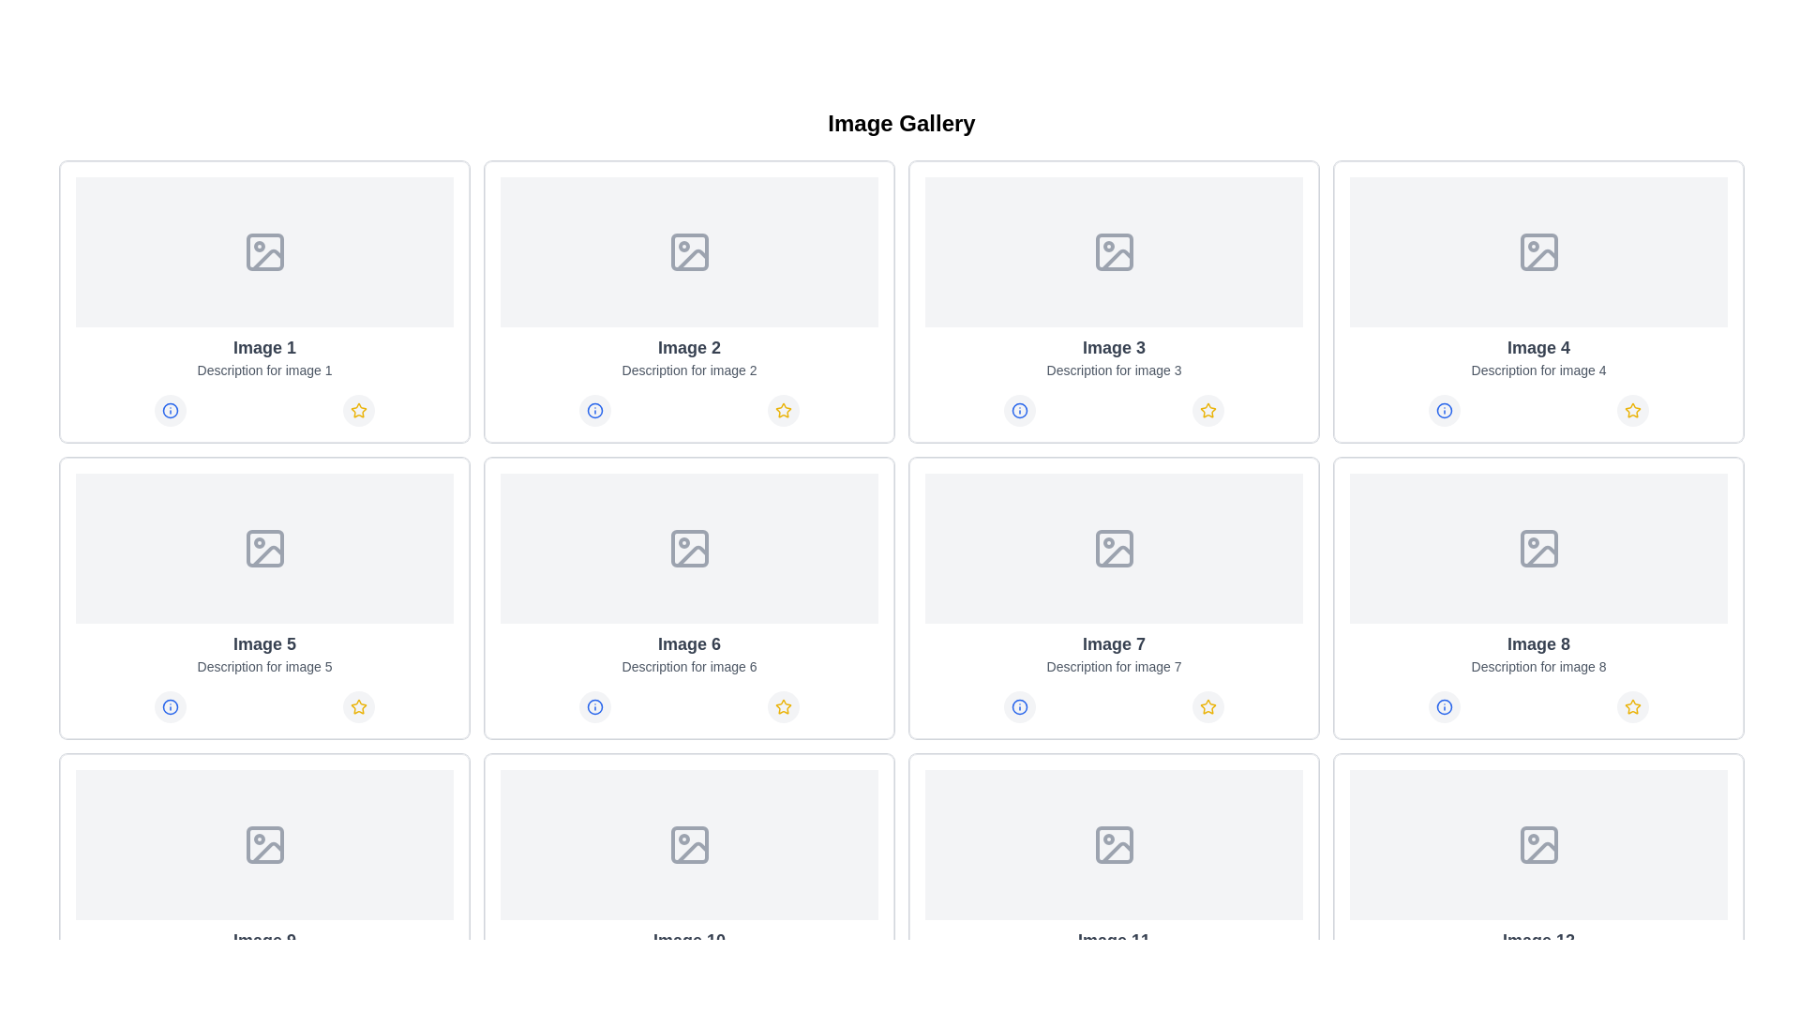  I want to click on the graphical star icon located beneath the fifth image in the gallery, aligned with the descriptive text 'Image 5', so click(359, 706).